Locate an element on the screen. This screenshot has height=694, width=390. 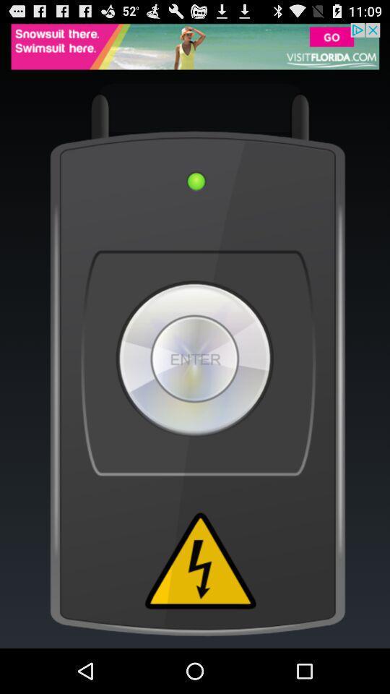
advertisement banner is located at coordinates (195, 46).